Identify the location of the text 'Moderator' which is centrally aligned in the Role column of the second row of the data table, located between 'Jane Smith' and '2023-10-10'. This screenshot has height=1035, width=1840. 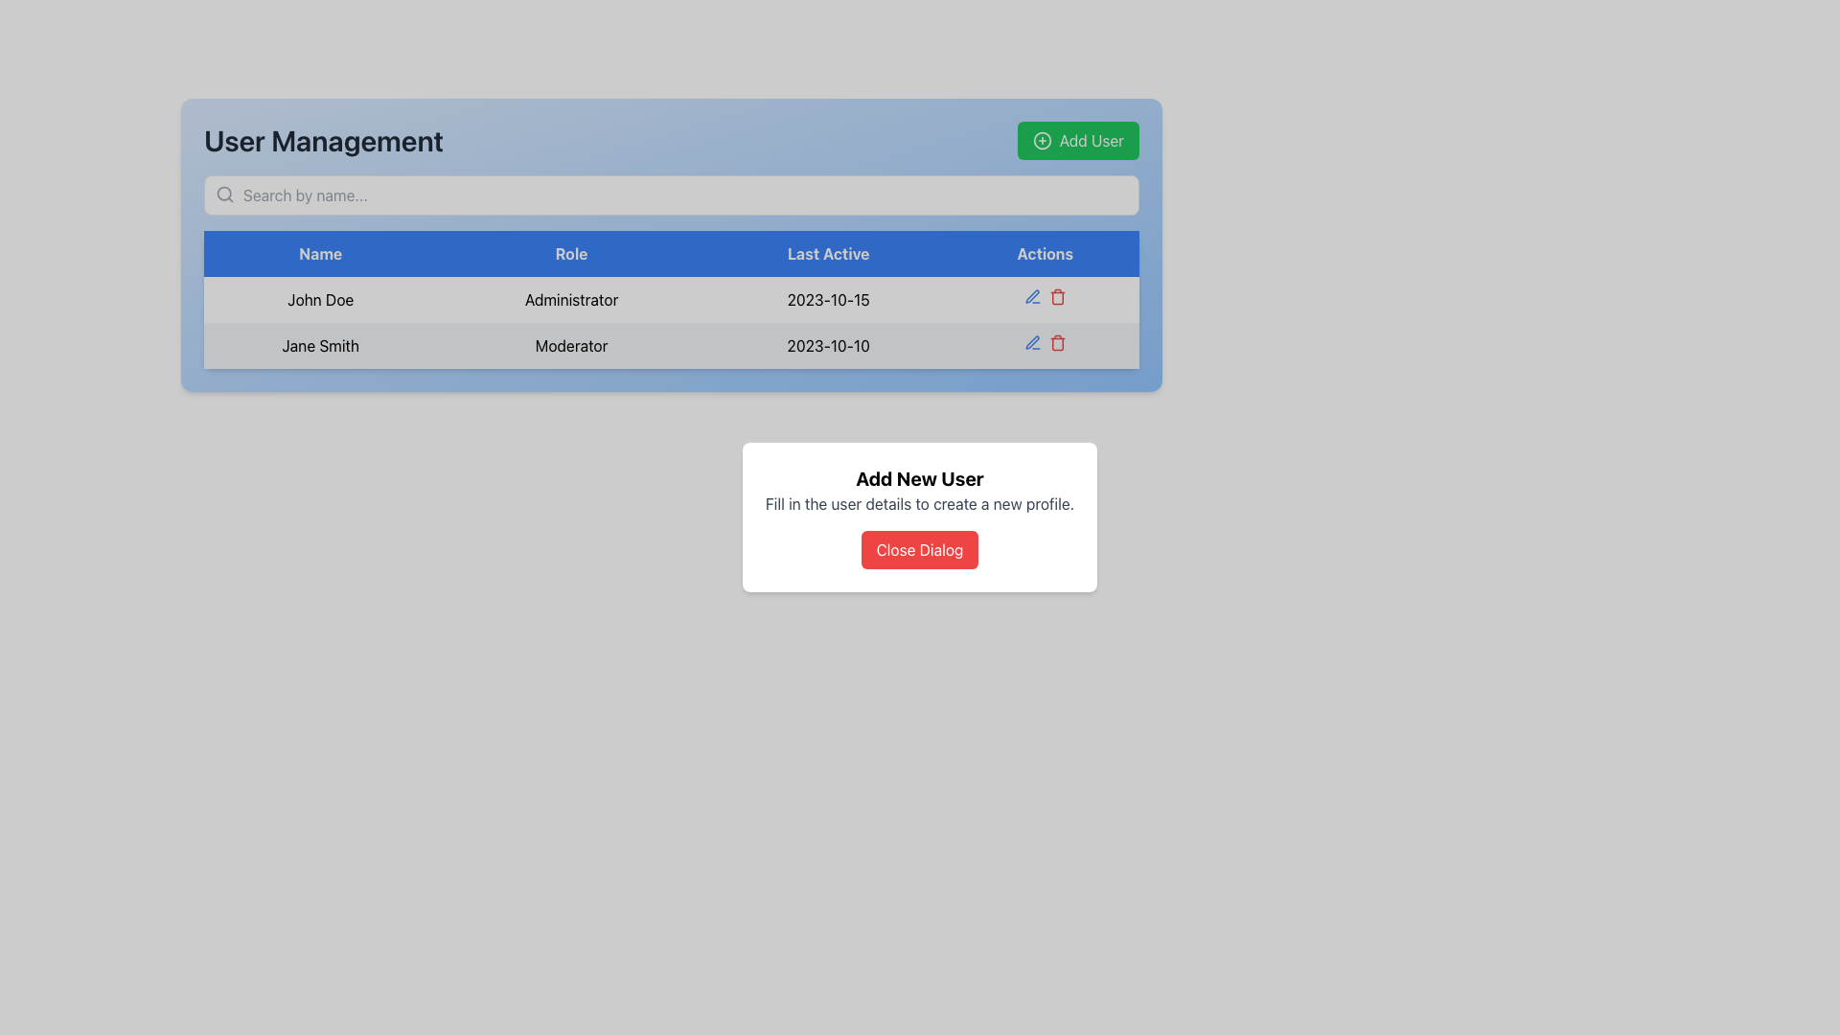
(570, 346).